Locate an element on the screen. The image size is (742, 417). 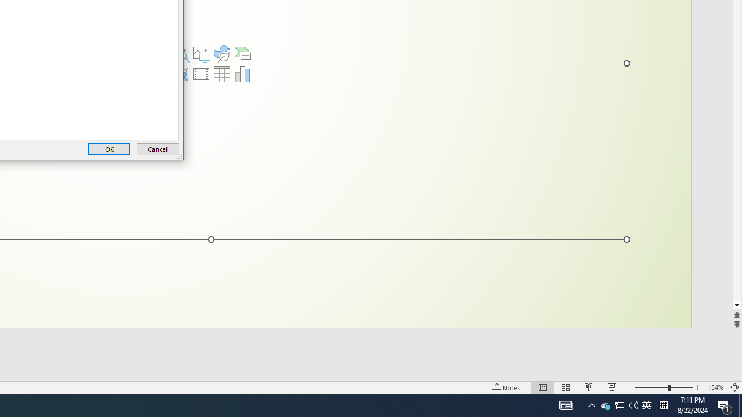
'Insert an Icon' is located at coordinates (222, 53).